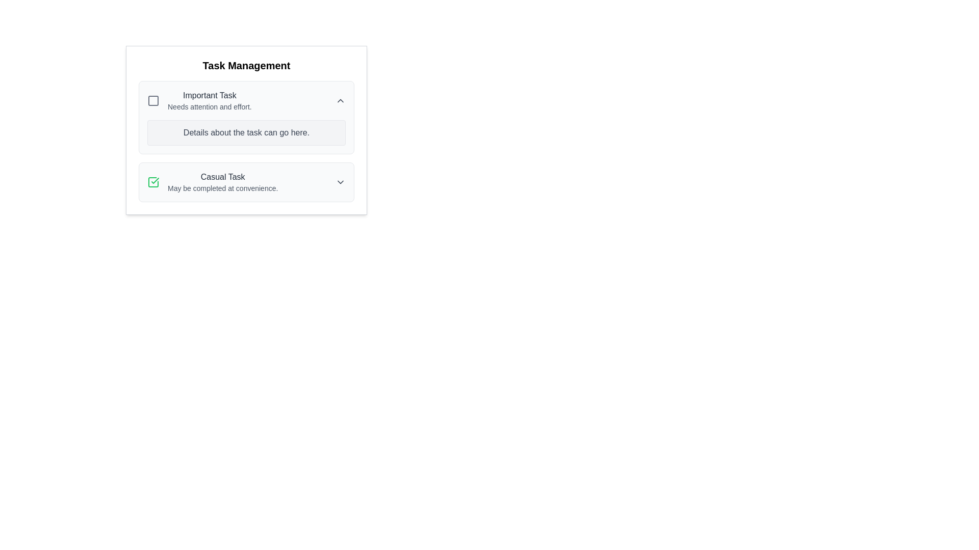 The image size is (979, 550). Describe the element at coordinates (153, 100) in the screenshot. I see `the priority icon located at the top part of the 'Important Task' card in the 'Task Management' layout to check its status` at that location.